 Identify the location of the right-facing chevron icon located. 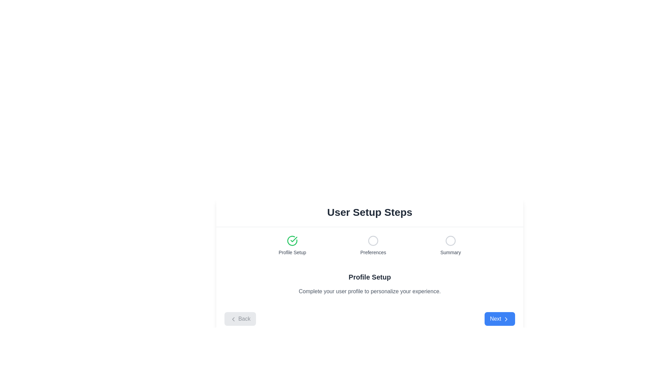
(506, 319).